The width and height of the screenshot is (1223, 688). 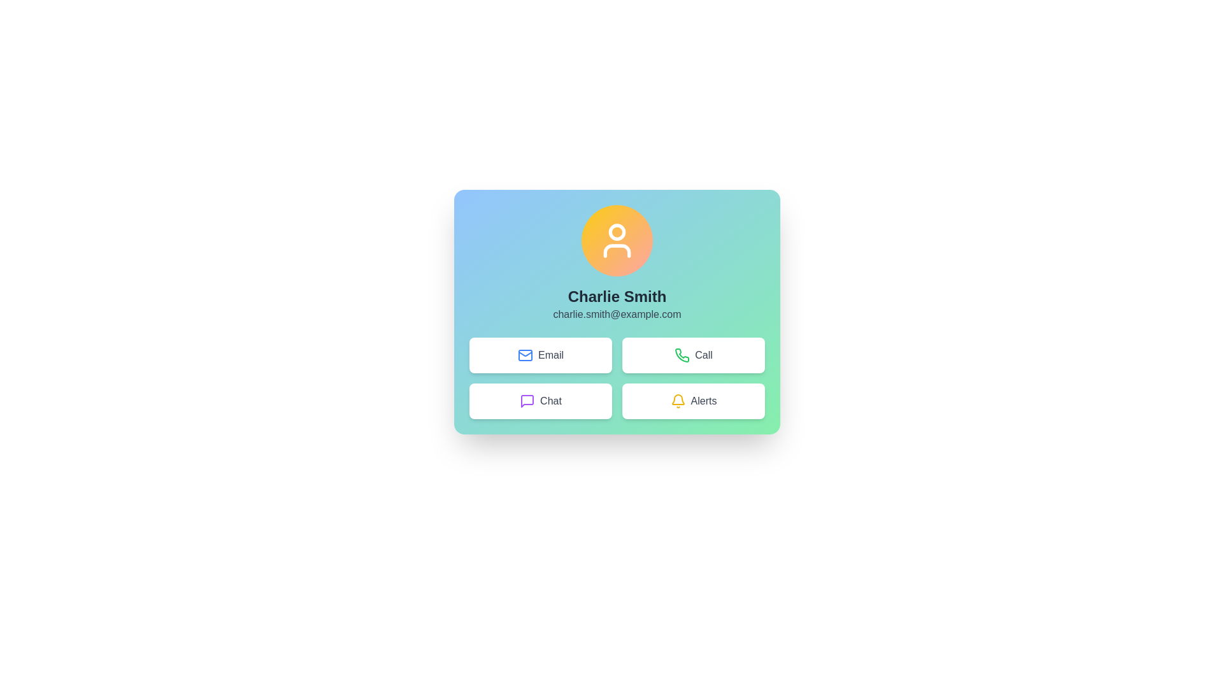 What do you see at coordinates (693, 400) in the screenshot?
I see `the 'Alerts' button` at bounding box center [693, 400].